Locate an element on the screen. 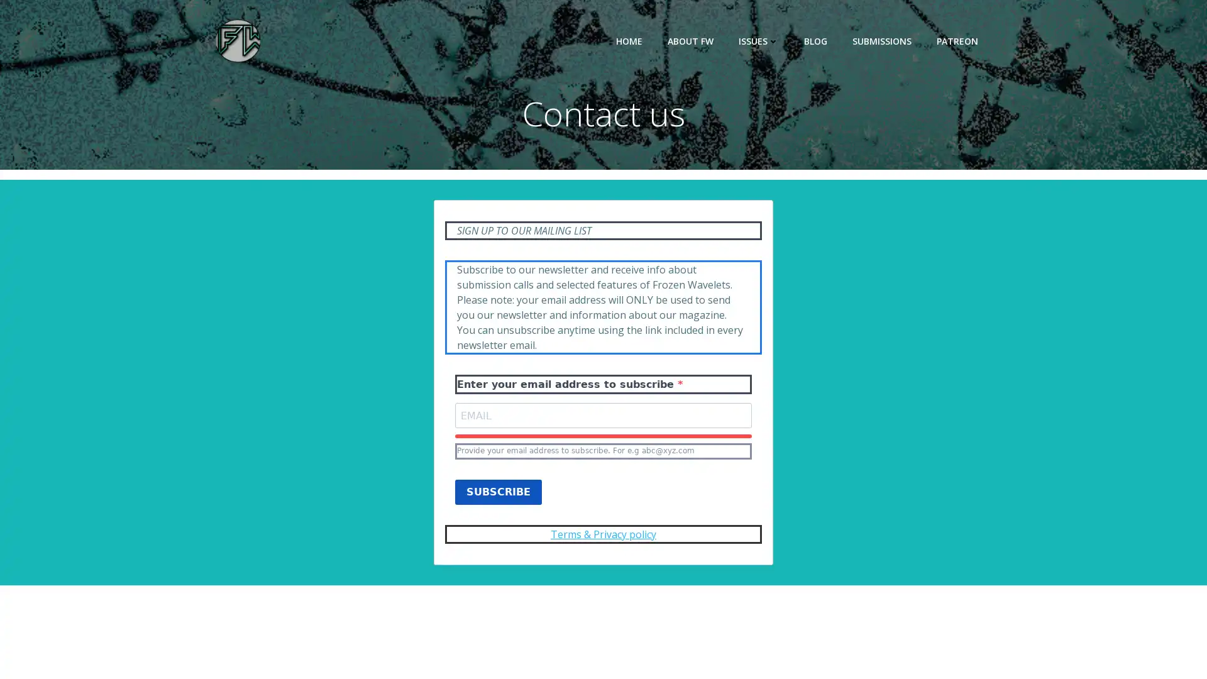 The height and width of the screenshot is (679, 1207). SUBSCRIBE is located at coordinates (497, 505).